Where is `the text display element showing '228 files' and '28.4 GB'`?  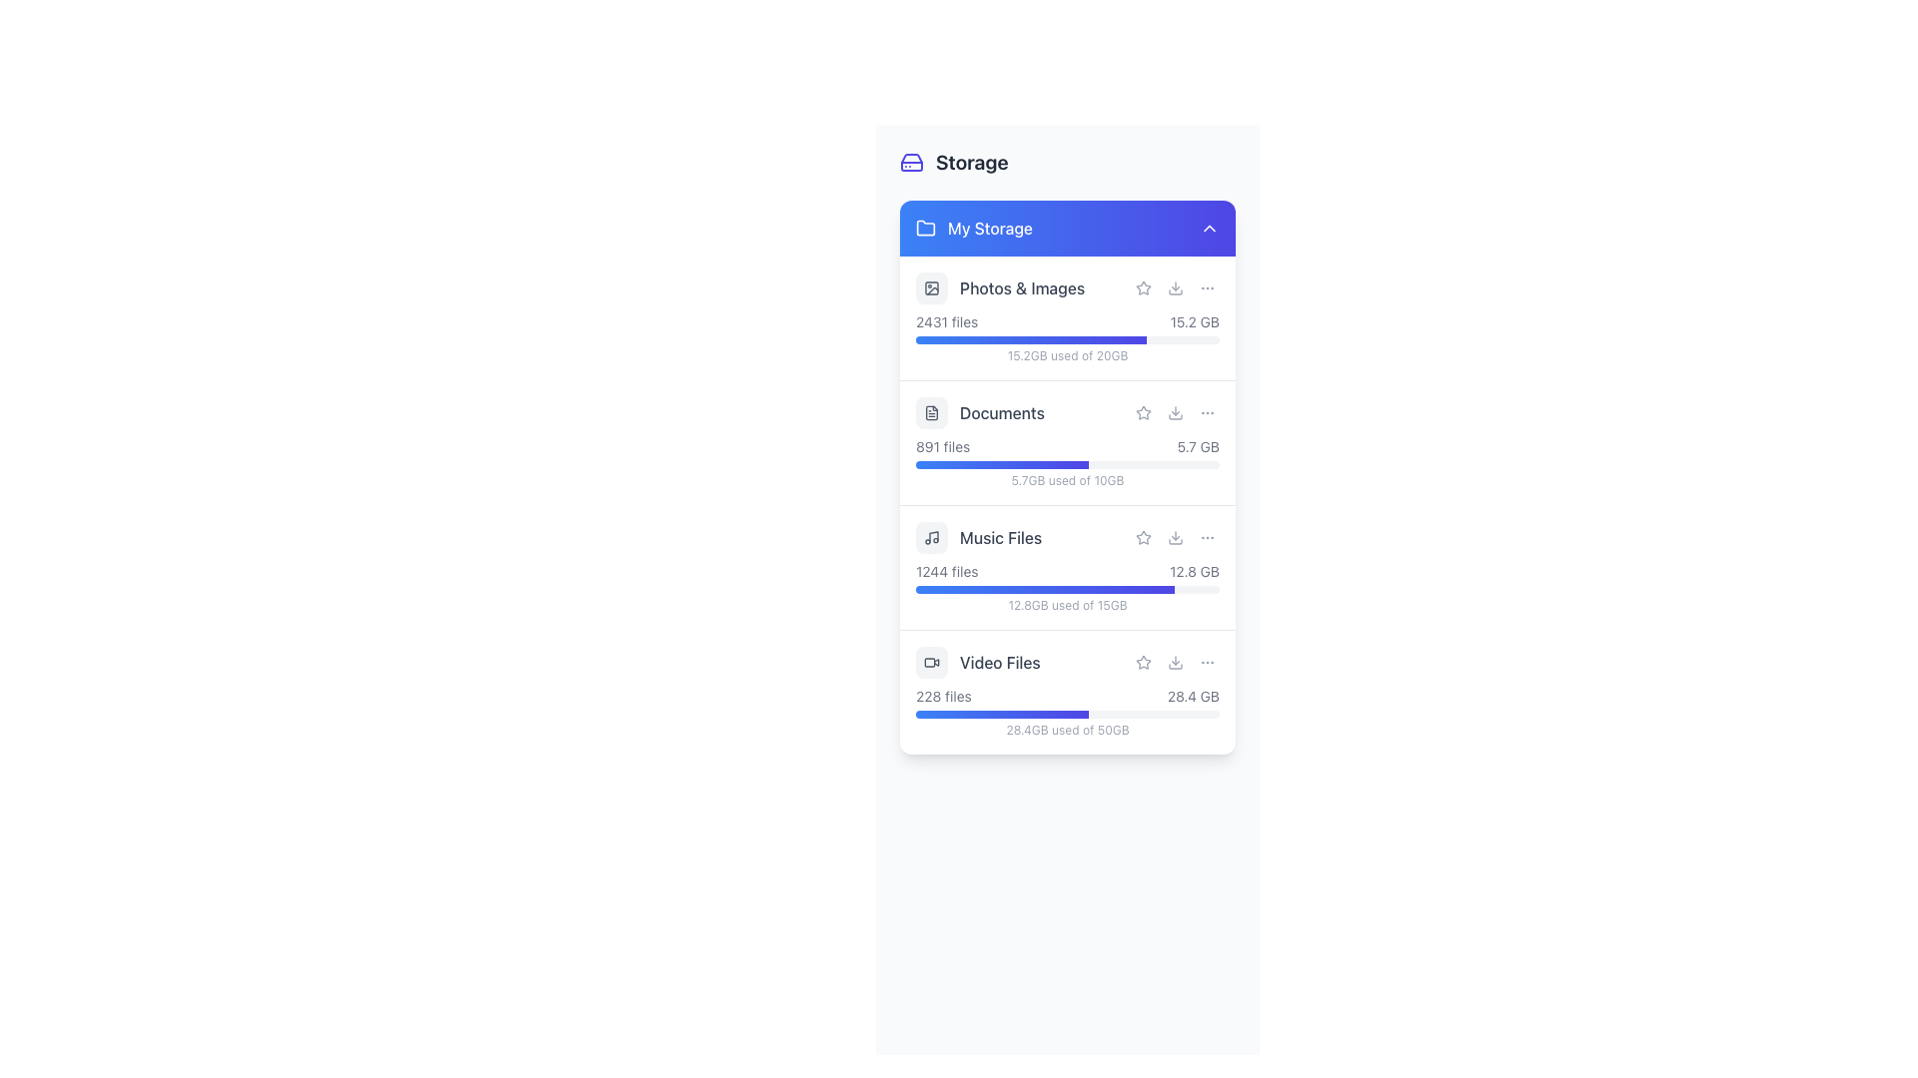 the text display element showing '228 files' and '28.4 GB' is located at coordinates (1067, 696).